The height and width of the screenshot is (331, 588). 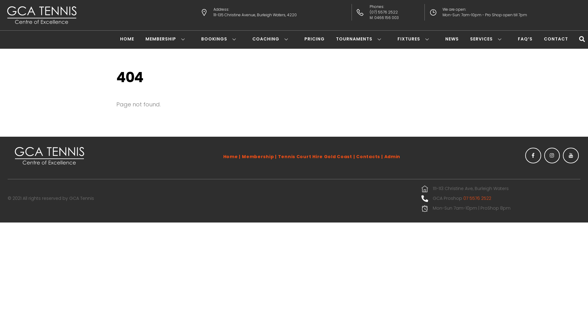 What do you see at coordinates (397, 39) in the screenshot?
I see `'FIXTURES'` at bounding box center [397, 39].